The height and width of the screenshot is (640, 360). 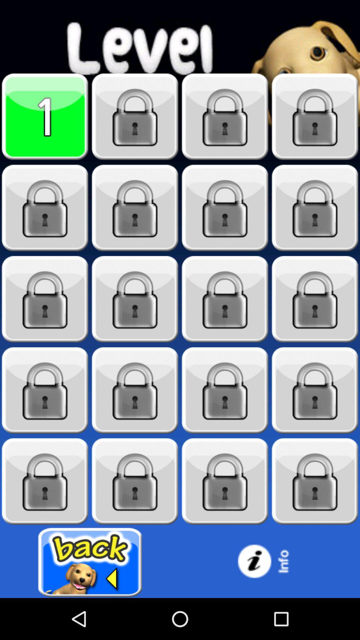 I want to click on unlock level13, so click(x=45, y=390).